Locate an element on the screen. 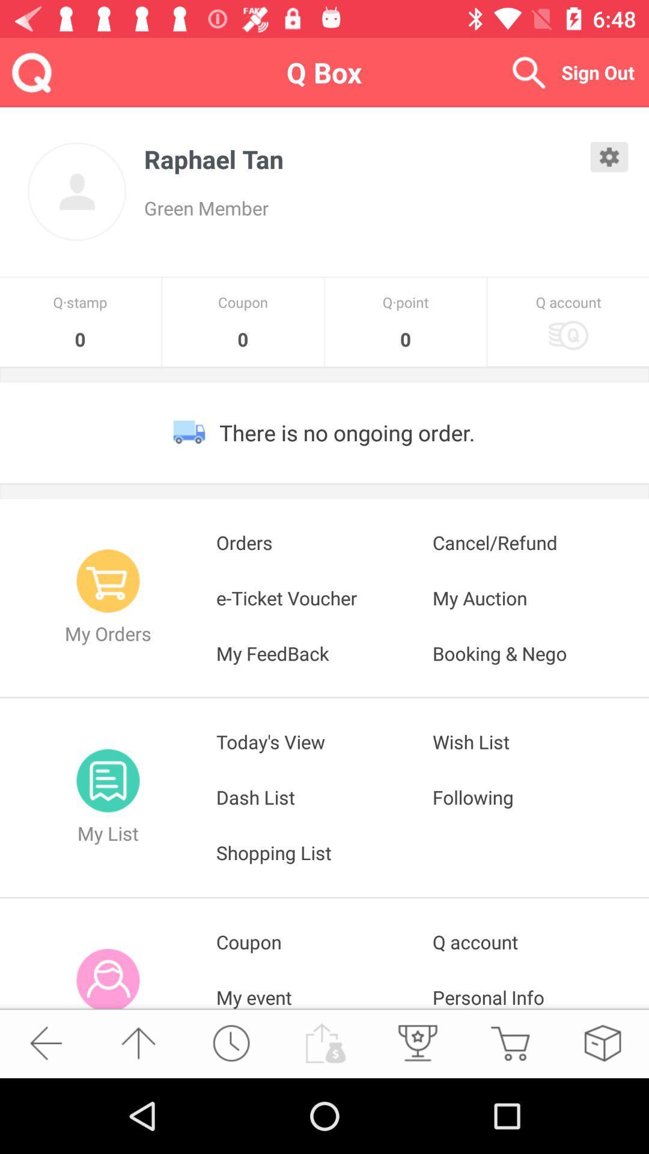 This screenshot has width=649, height=1154. the item below the personal info app is located at coordinates (602, 1042).